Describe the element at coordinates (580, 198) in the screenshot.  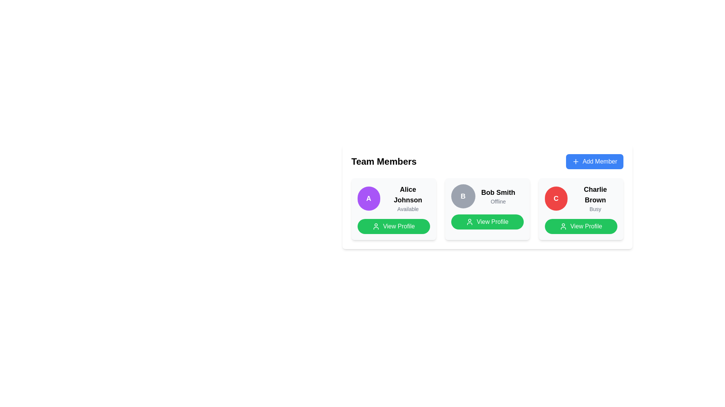
I see `the status area of the User Profile Display located on the far right of the user cards` at that location.